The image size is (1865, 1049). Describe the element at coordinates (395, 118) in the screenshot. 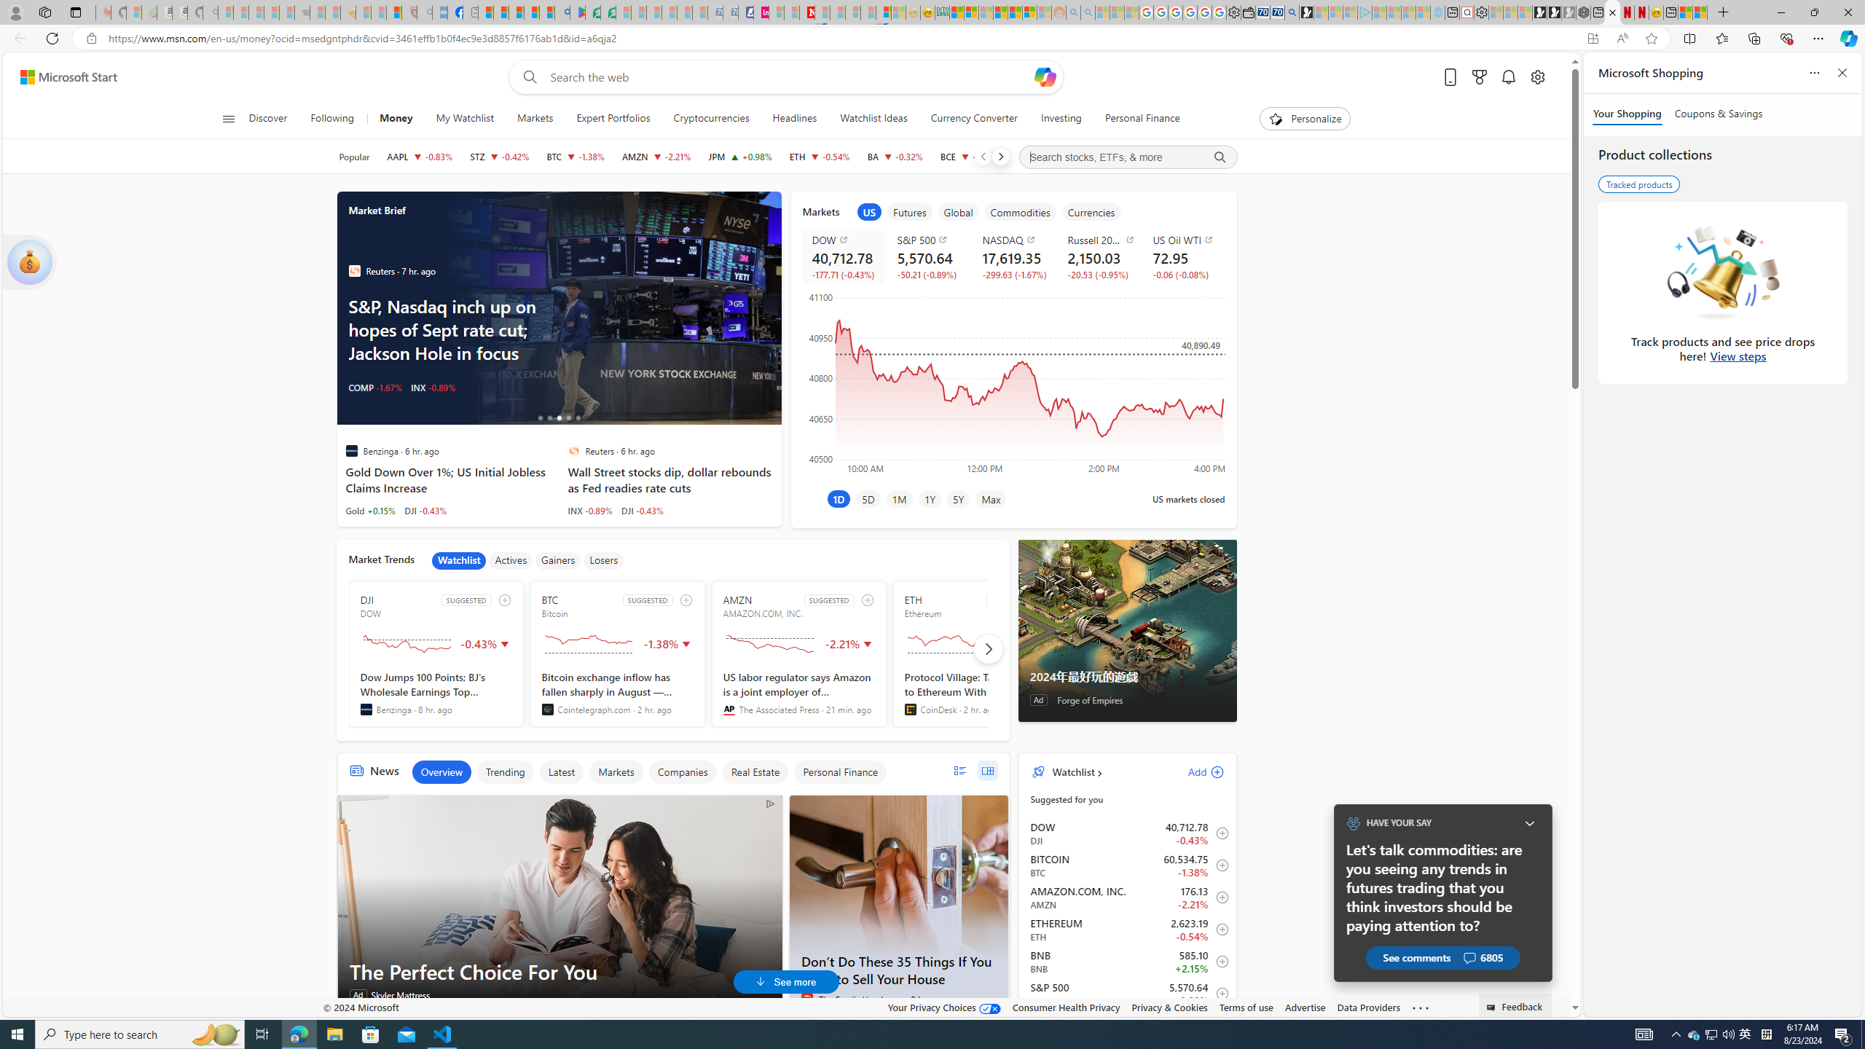

I see `'Money'` at that location.